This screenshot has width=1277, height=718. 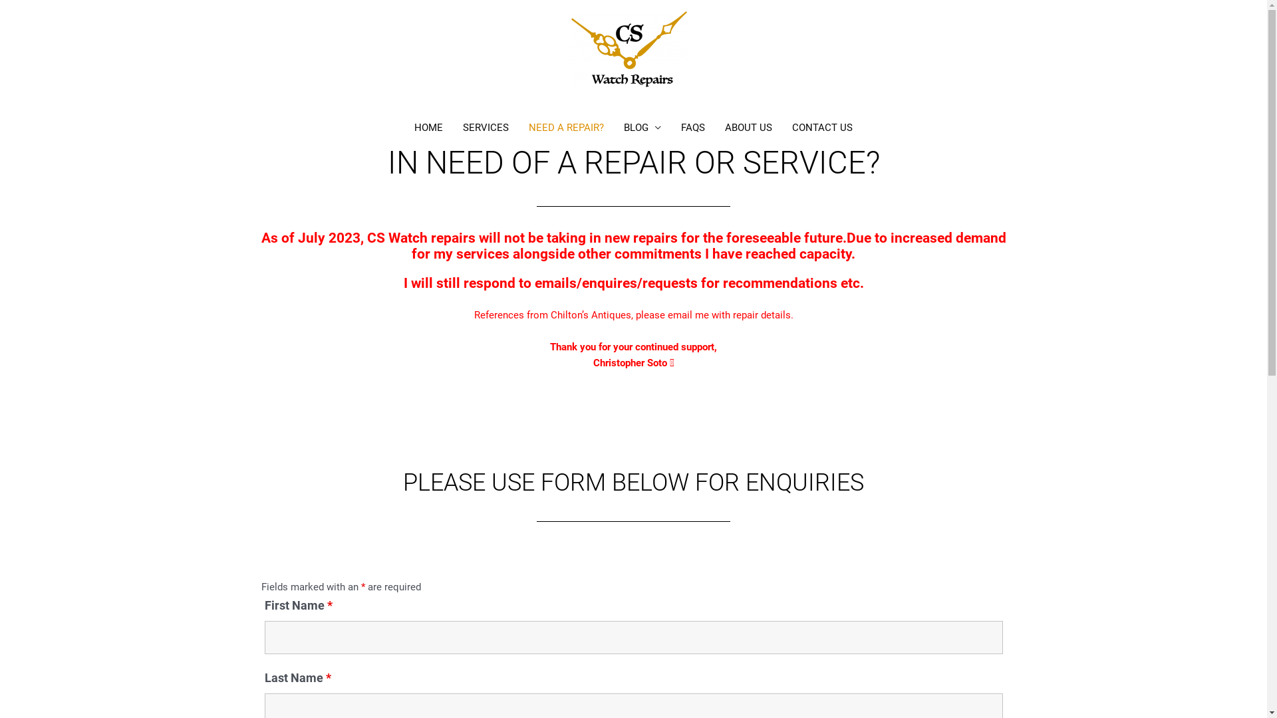 I want to click on 'SERVICES', so click(x=485, y=128).